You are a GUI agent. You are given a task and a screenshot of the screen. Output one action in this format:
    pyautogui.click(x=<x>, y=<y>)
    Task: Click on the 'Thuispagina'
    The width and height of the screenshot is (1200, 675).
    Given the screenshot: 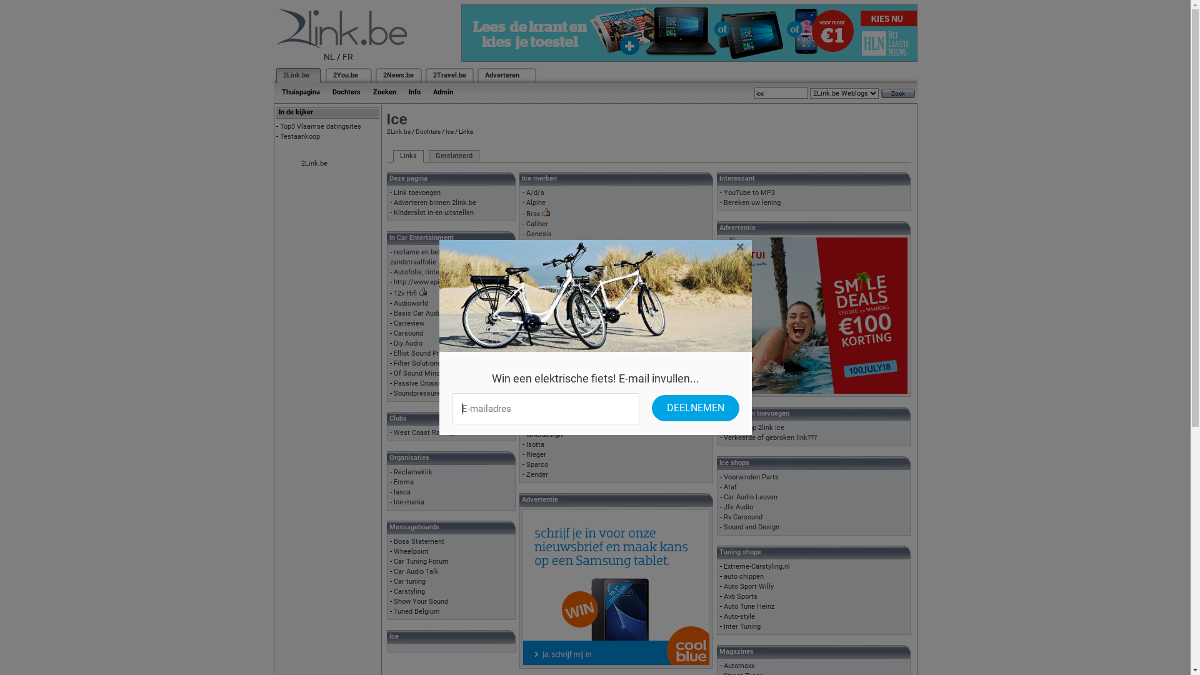 What is the action you would take?
    pyautogui.click(x=300, y=91)
    